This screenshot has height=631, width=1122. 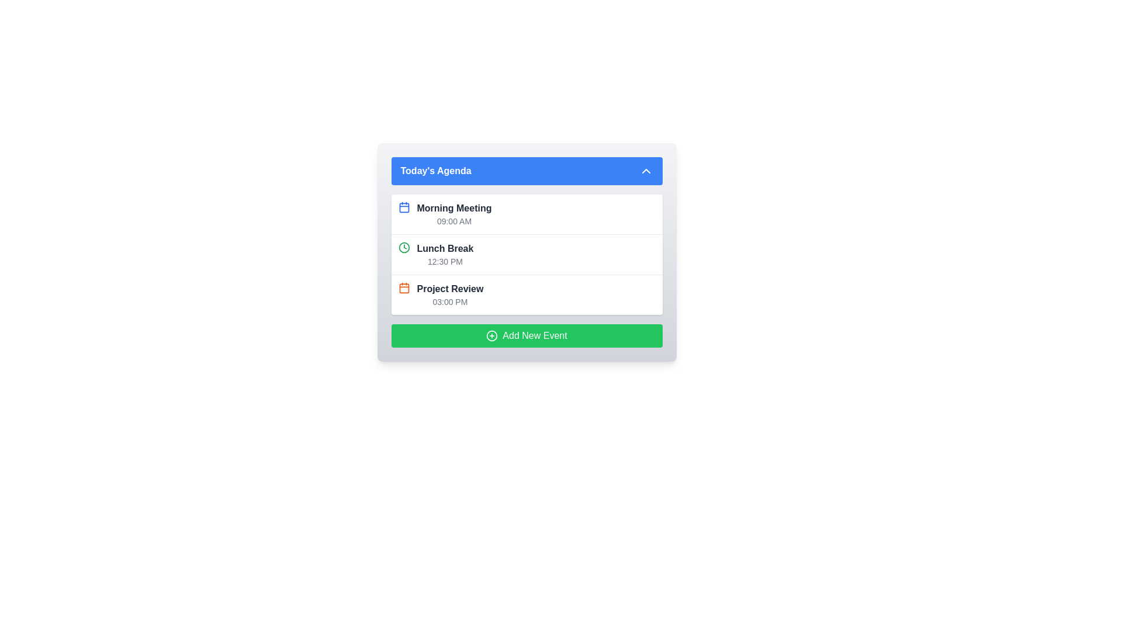 What do you see at coordinates (526, 294) in the screenshot?
I see `the third list item representing a scheduled agenda item` at bounding box center [526, 294].